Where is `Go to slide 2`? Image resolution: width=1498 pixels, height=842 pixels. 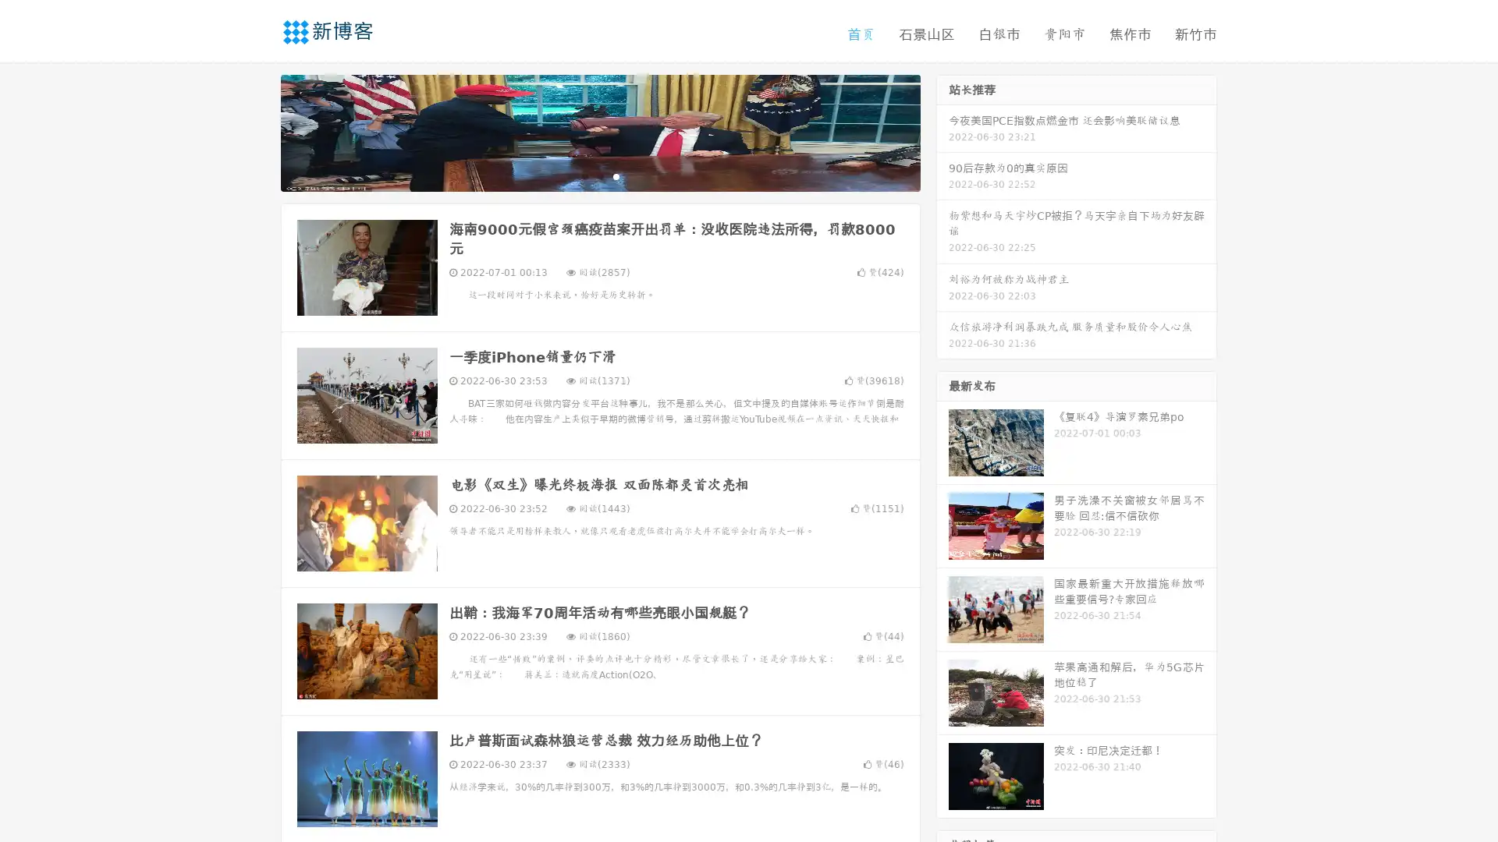 Go to slide 2 is located at coordinates (599, 175).